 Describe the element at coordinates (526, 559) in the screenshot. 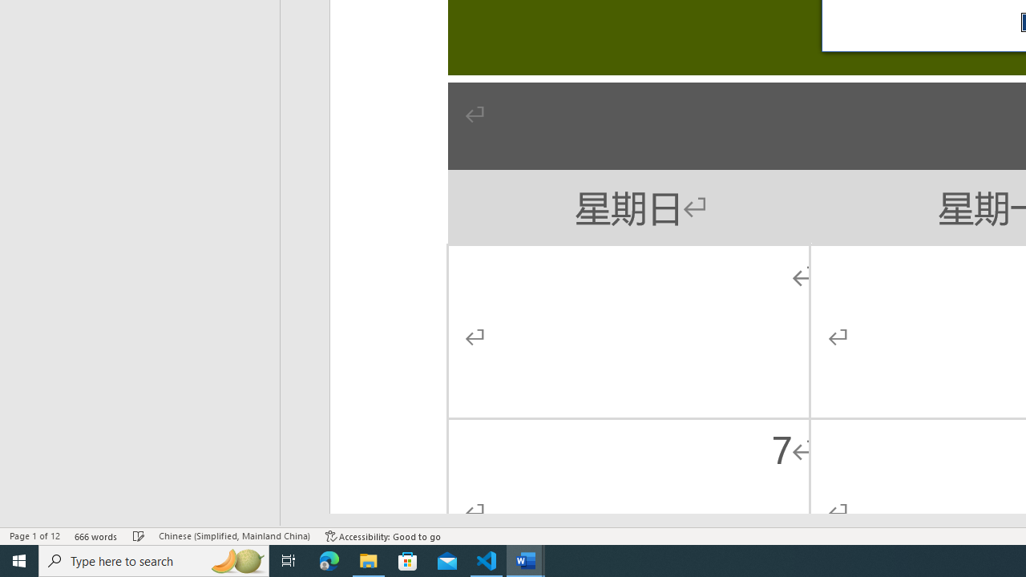

I see `'Word - 2 running windows'` at that location.